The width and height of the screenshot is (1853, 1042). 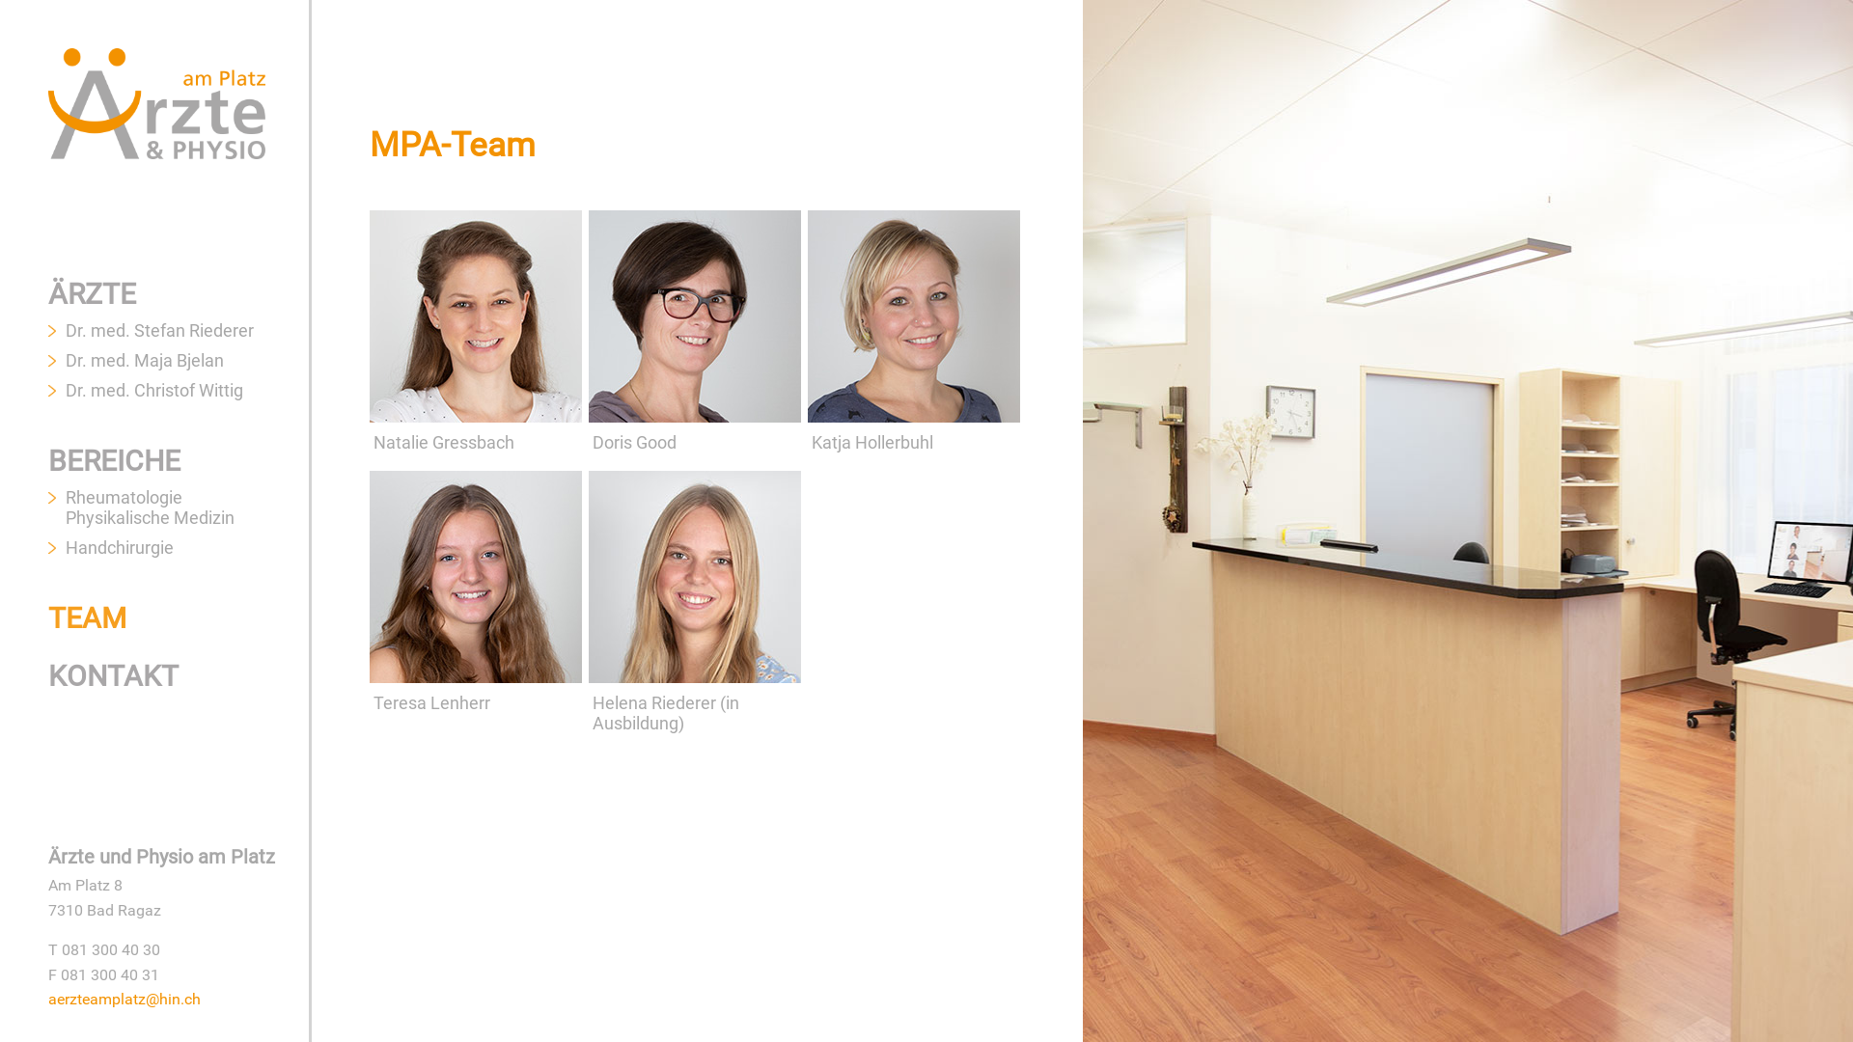 What do you see at coordinates (113, 460) in the screenshot?
I see `'BEREICHE'` at bounding box center [113, 460].